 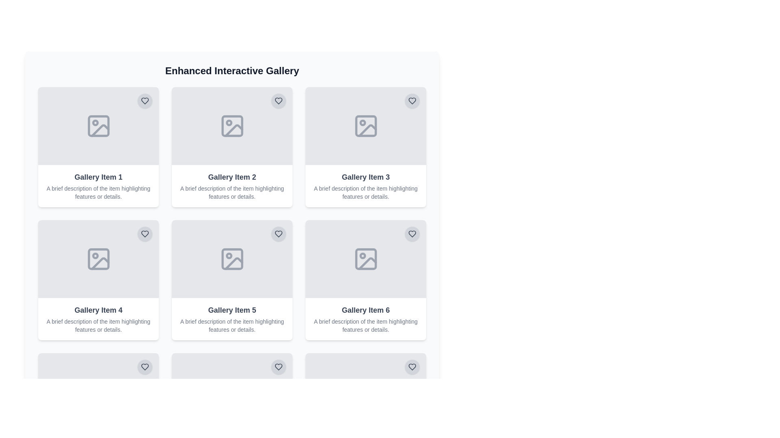 What do you see at coordinates (412, 367) in the screenshot?
I see `the heart-shaped icon located in the top-right corner of the 'Gallery Item 6' card to mark it as a favorite` at bounding box center [412, 367].